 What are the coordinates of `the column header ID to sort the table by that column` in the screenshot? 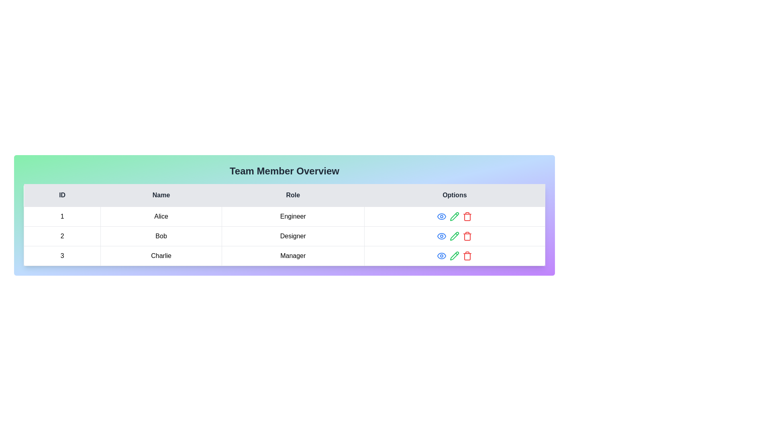 It's located at (61, 195).